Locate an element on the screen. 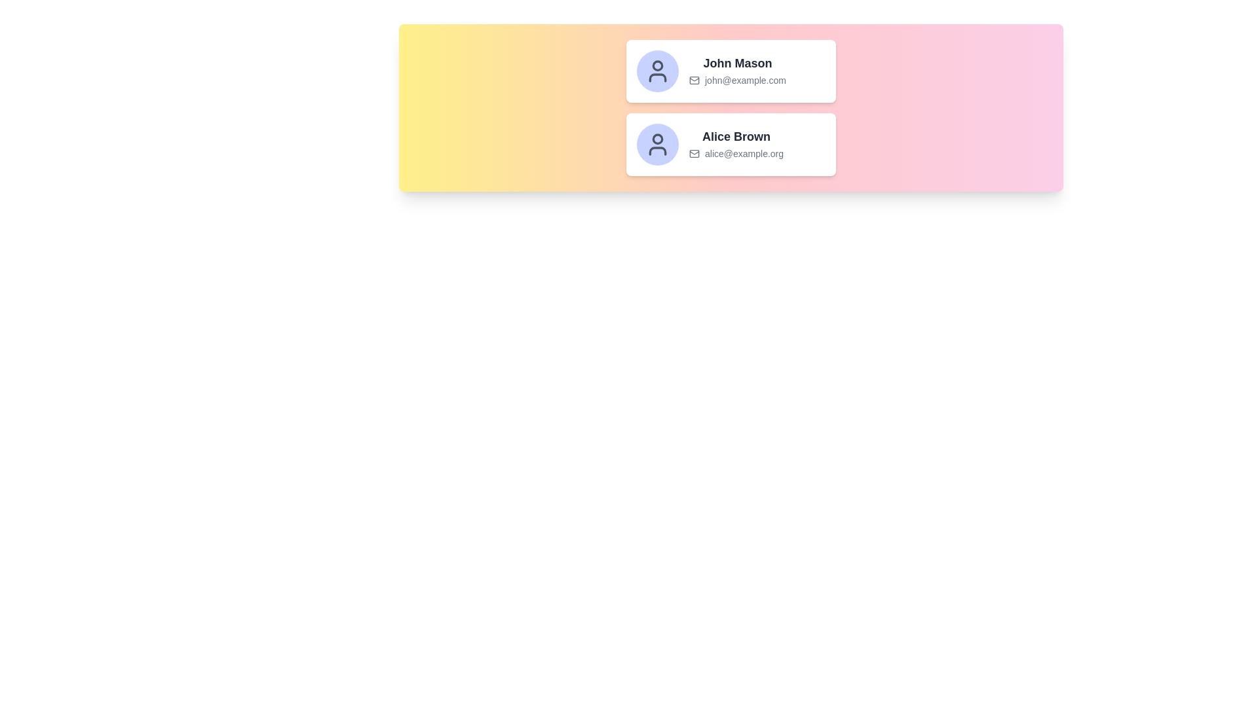 This screenshot has width=1258, height=707. the lower part of the user profile SVG icon, which resembles the shoulders of a person is located at coordinates (657, 78).